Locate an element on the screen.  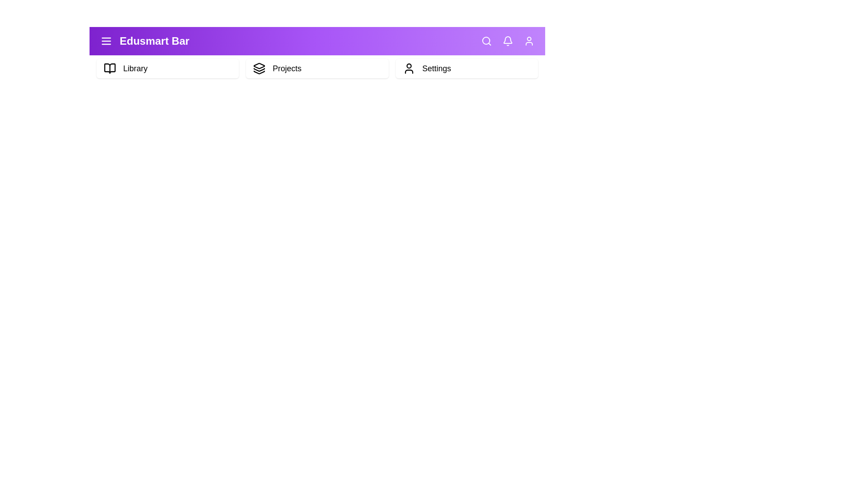
the 'Notifications' icon to view alerts is located at coordinates (508, 41).